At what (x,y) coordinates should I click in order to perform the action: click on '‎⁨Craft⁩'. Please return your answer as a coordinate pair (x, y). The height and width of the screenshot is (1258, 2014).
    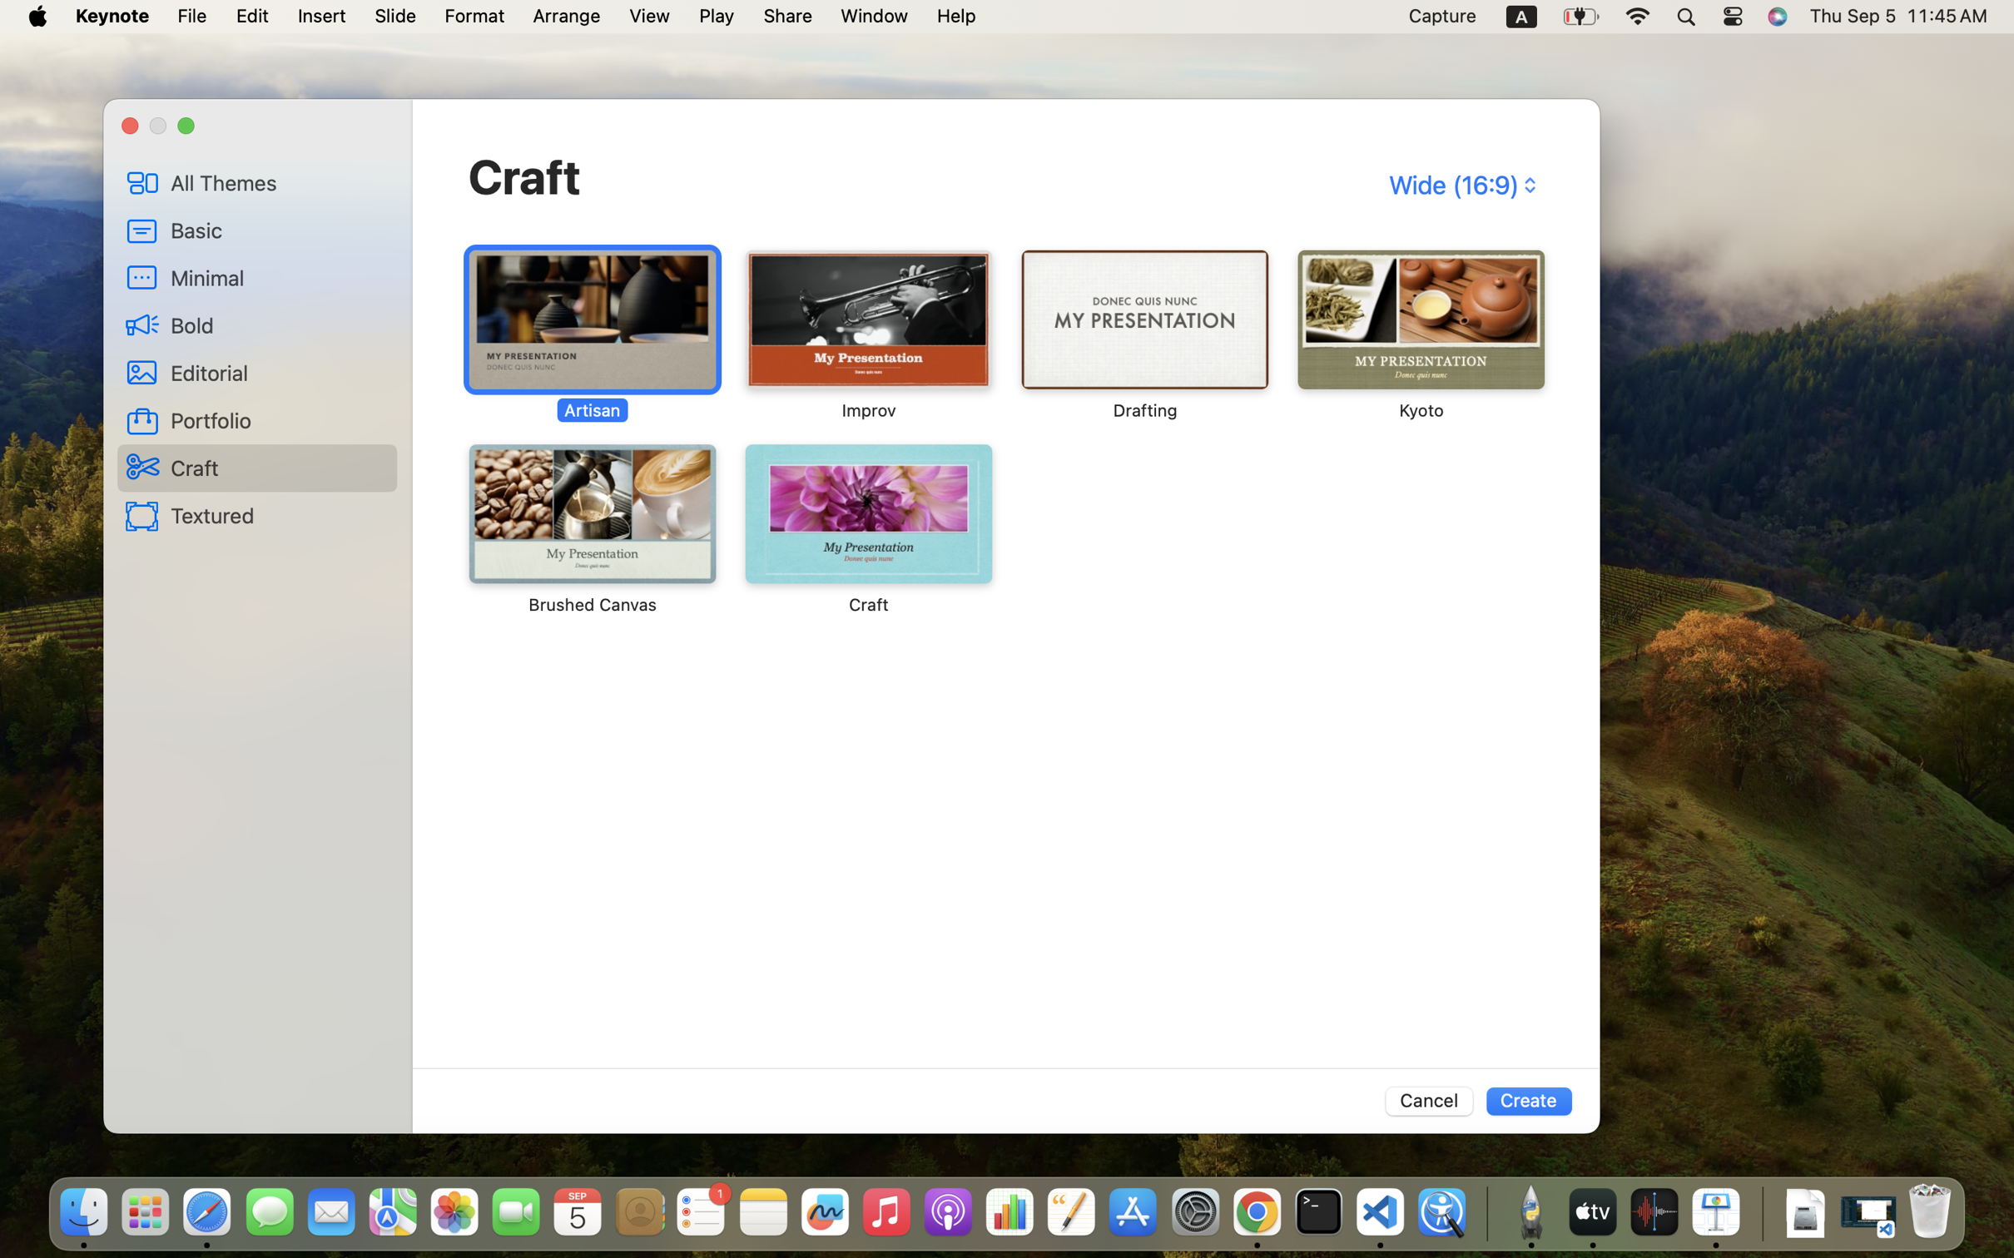
    Looking at the image, I should click on (866, 528).